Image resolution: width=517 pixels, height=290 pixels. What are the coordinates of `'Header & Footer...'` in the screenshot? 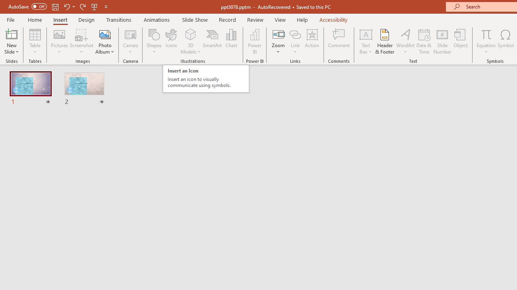 It's located at (384, 41).